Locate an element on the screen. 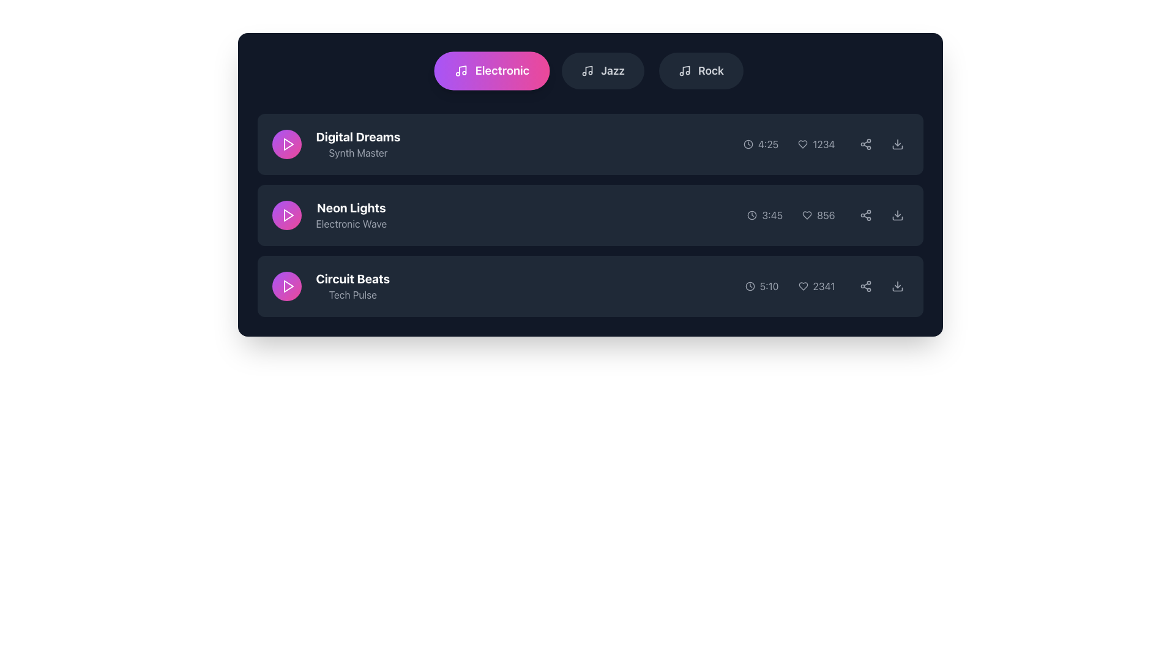  the static display of the track duration for the 'Circuit Beats' song located in the lower-right section of its list item is located at coordinates (769, 286).